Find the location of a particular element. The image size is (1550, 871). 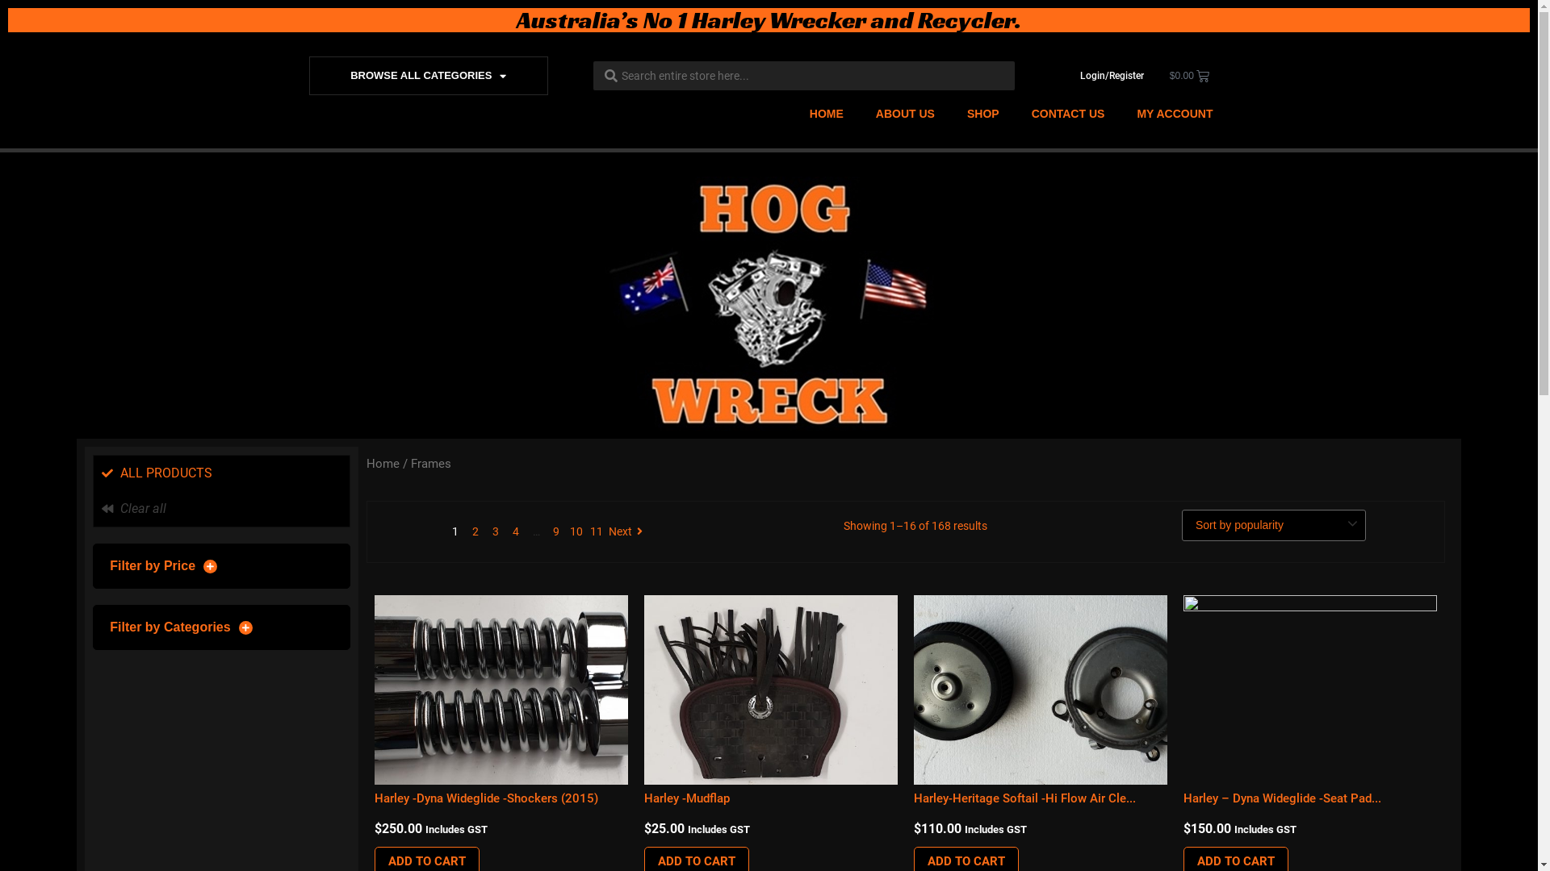

'SHOP' is located at coordinates (950, 113).